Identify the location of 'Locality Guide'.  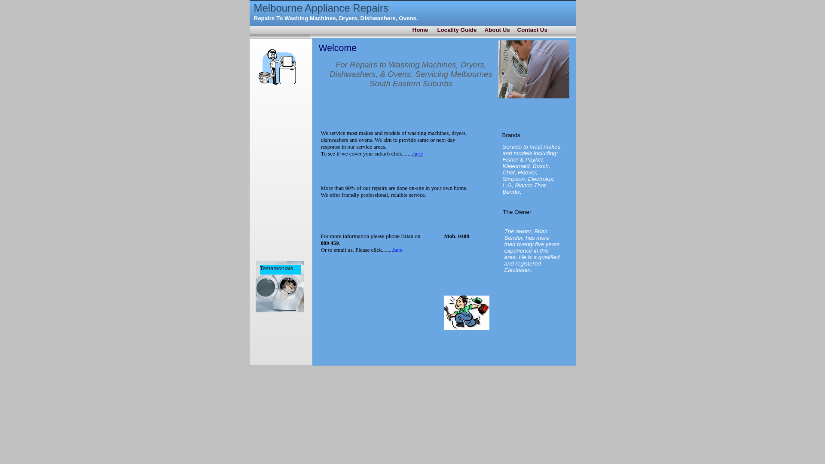
(457, 29).